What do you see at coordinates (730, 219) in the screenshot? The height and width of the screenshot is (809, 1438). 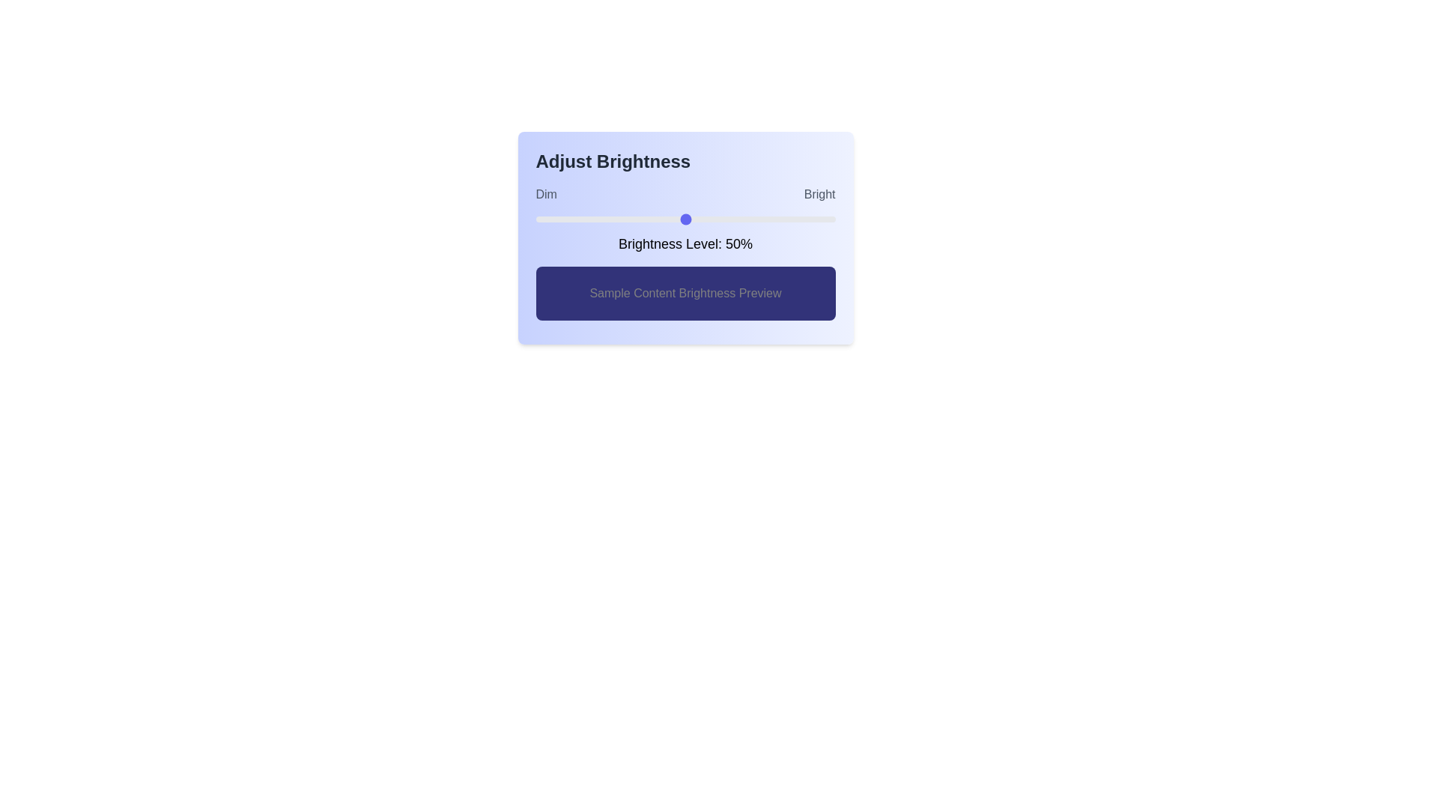 I see `the brightness level to 65% by dragging the slider` at bounding box center [730, 219].